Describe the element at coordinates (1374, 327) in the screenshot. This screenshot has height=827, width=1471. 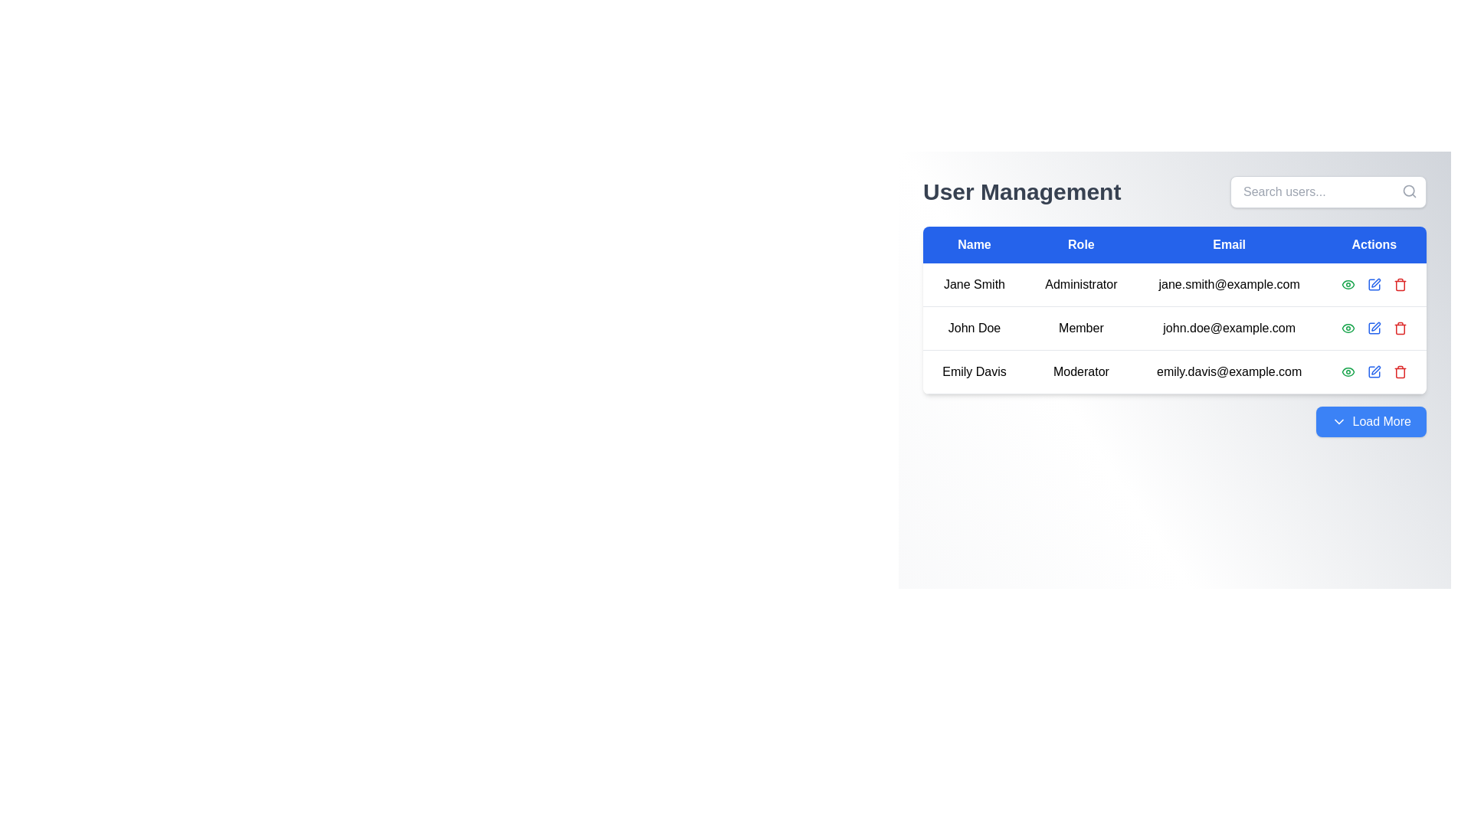
I see `the blue edit tool icon in the 'Actions' column corresponding to 'John Doe'` at that location.